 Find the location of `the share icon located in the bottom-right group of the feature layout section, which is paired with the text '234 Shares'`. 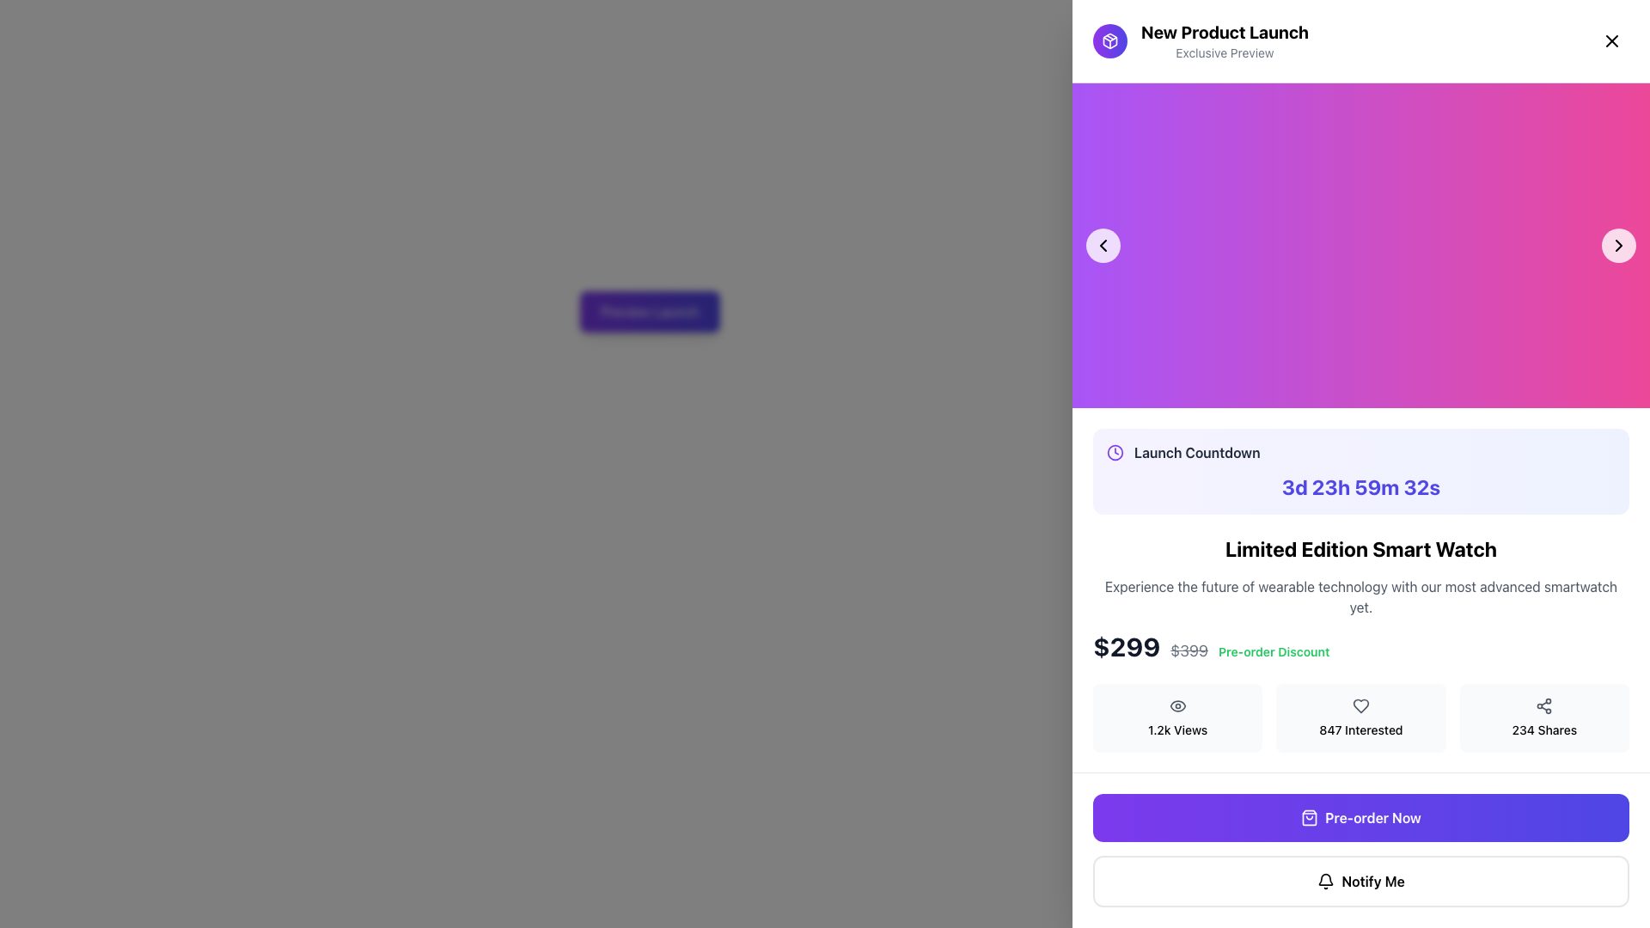

the share icon located in the bottom-right group of the feature layout section, which is paired with the text '234 Shares' is located at coordinates (1544, 705).